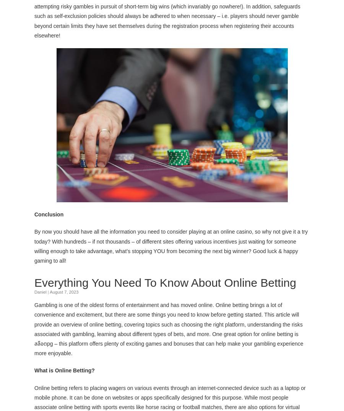 This screenshot has height=411, width=344. What do you see at coordinates (34, 214) in the screenshot?
I see `'Conclusion'` at bounding box center [34, 214].